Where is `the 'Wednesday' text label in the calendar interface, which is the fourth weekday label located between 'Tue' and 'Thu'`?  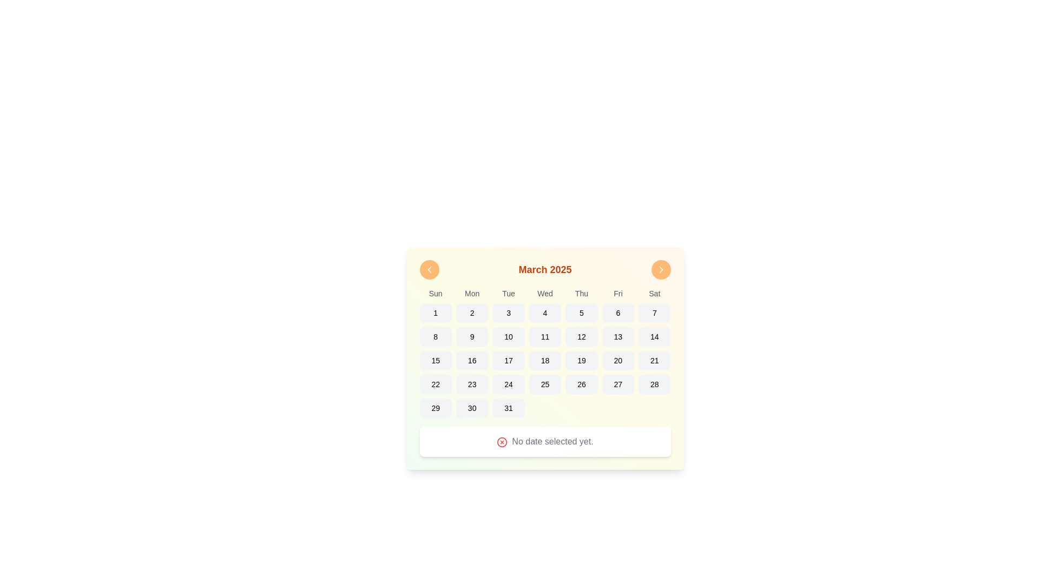 the 'Wednesday' text label in the calendar interface, which is the fourth weekday label located between 'Tue' and 'Thu' is located at coordinates (545, 294).